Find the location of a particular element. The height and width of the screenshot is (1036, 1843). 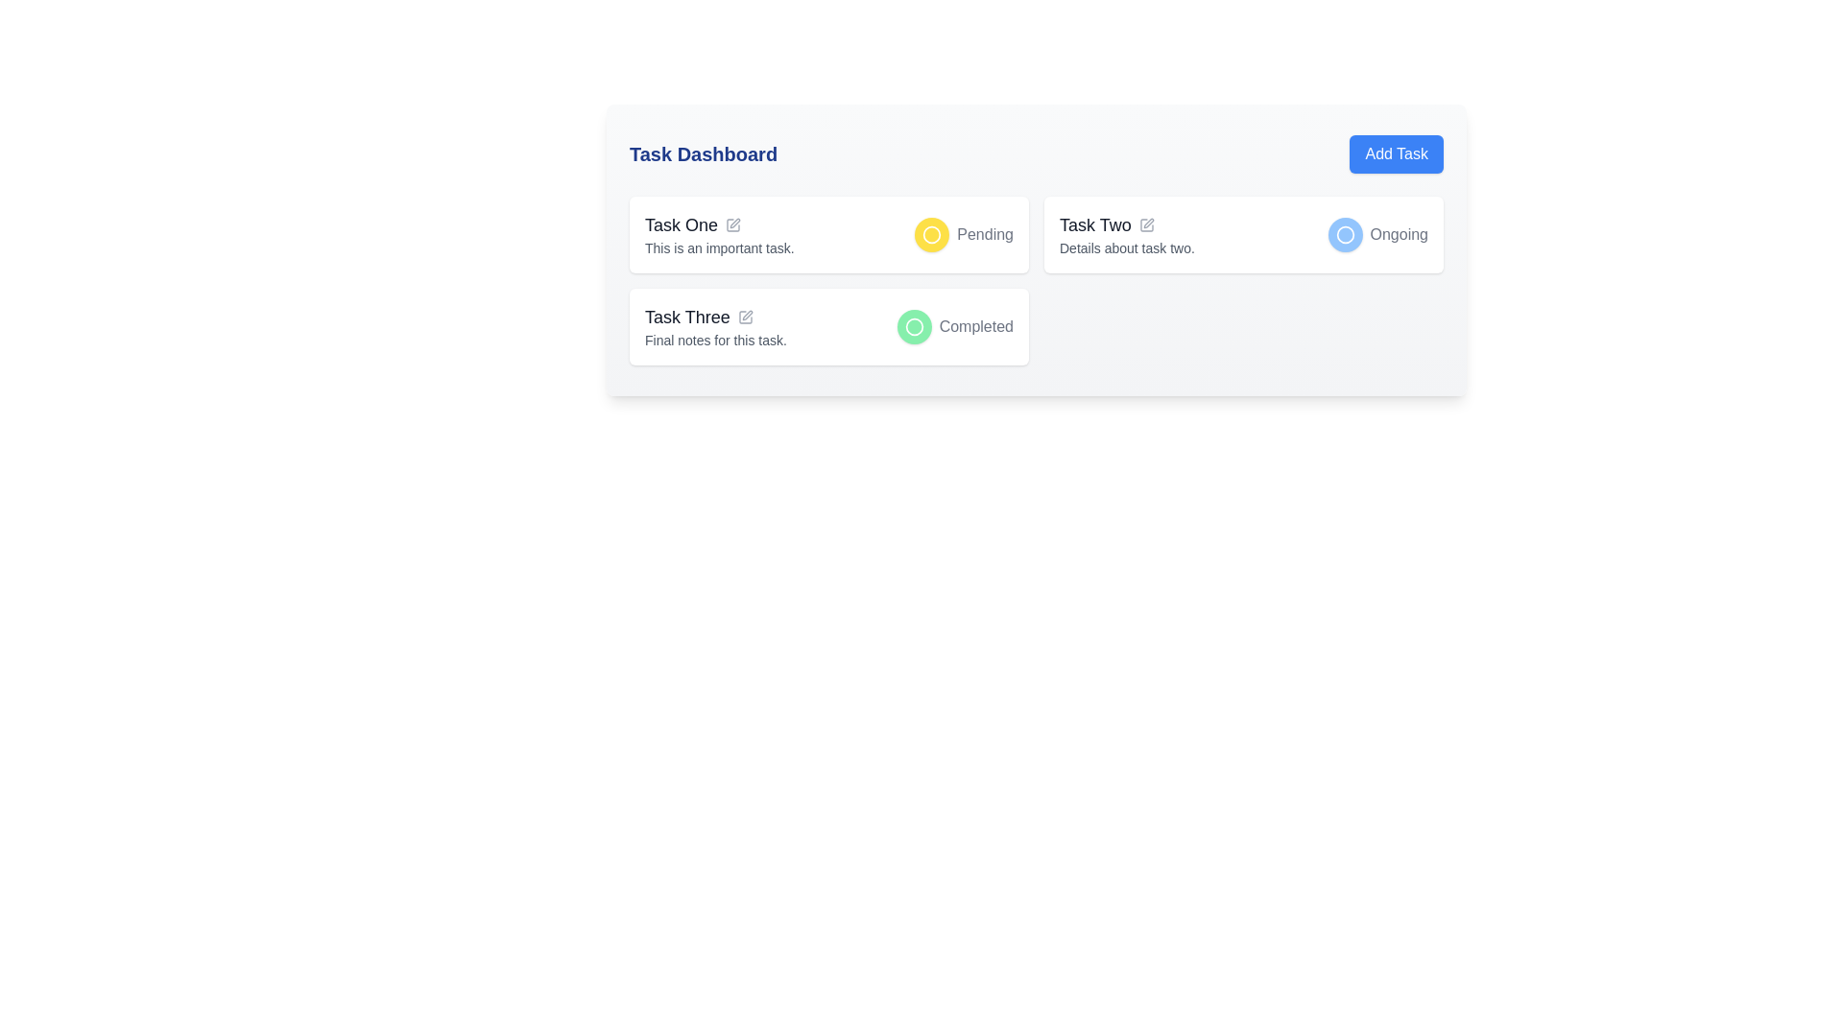

the status indicator icon located to the left of the 'Ongoing' label, which is part of the rounded blue button for 'Task Two' is located at coordinates (1344, 234).